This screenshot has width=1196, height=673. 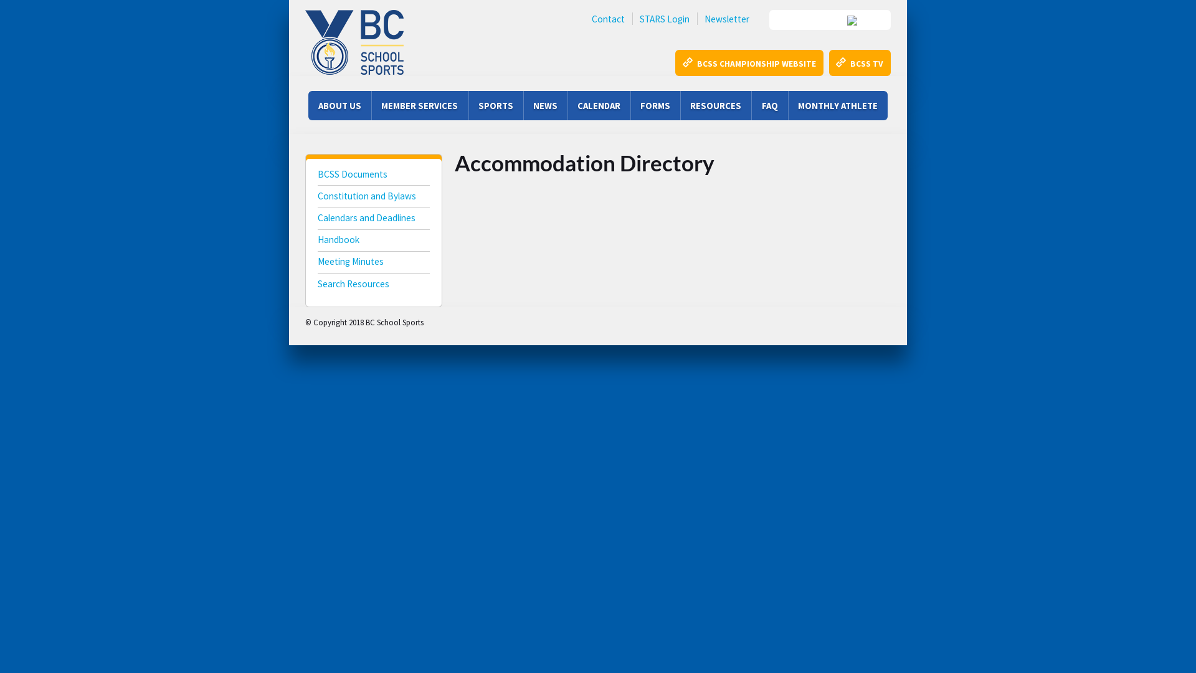 What do you see at coordinates (715, 105) in the screenshot?
I see `'RESOURCES'` at bounding box center [715, 105].